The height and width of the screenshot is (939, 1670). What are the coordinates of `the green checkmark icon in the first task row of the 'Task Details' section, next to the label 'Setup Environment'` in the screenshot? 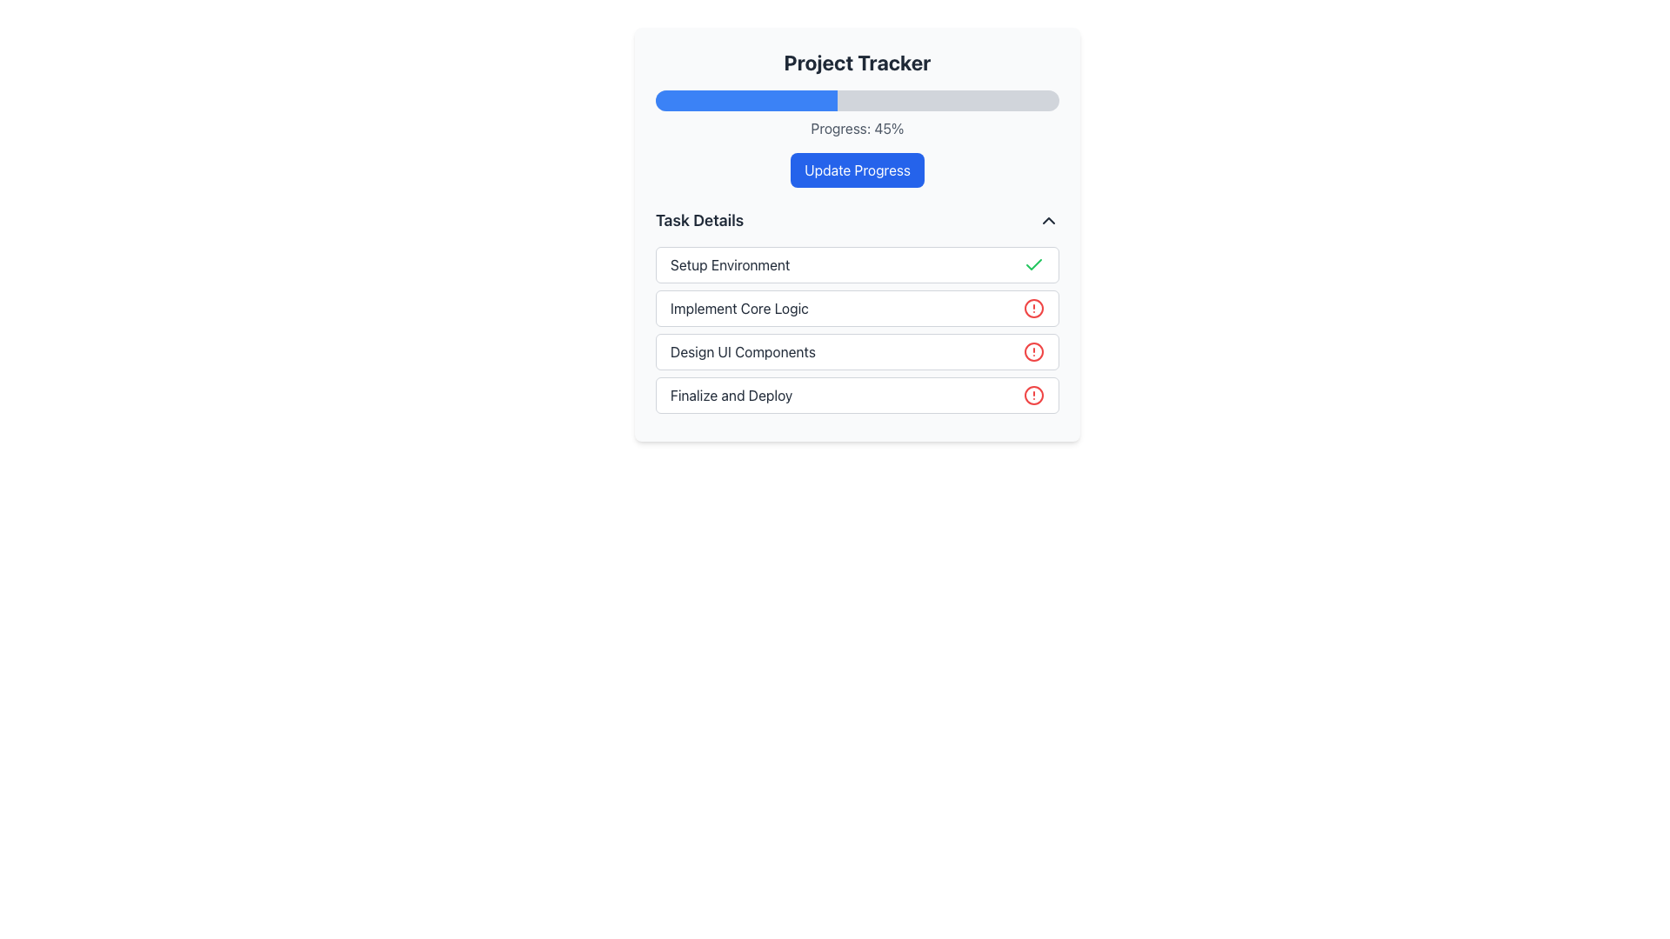 It's located at (1034, 264).